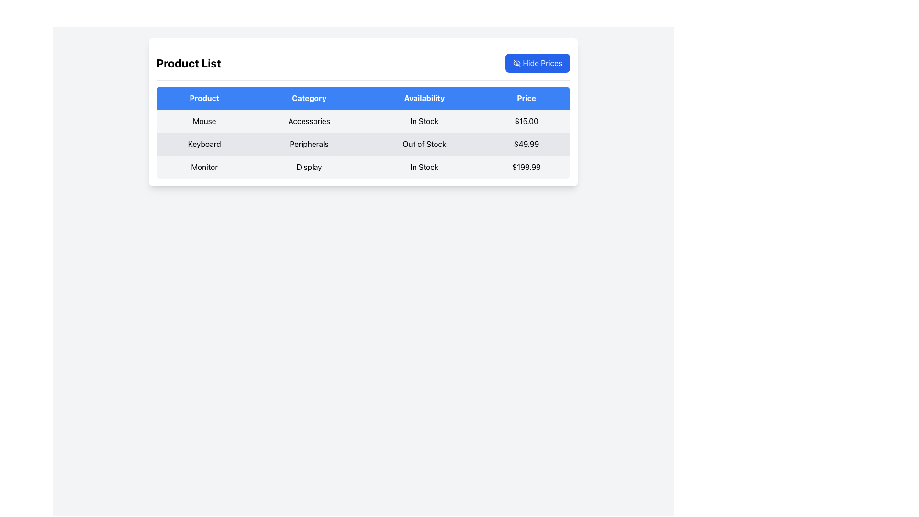 The width and height of the screenshot is (919, 517). What do you see at coordinates (204, 166) in the screenshot?
I see `the text label displaying 'Monitor', which is positioned in the first cell of the leftmost column in a table layout` at bounding box center [204, 166].